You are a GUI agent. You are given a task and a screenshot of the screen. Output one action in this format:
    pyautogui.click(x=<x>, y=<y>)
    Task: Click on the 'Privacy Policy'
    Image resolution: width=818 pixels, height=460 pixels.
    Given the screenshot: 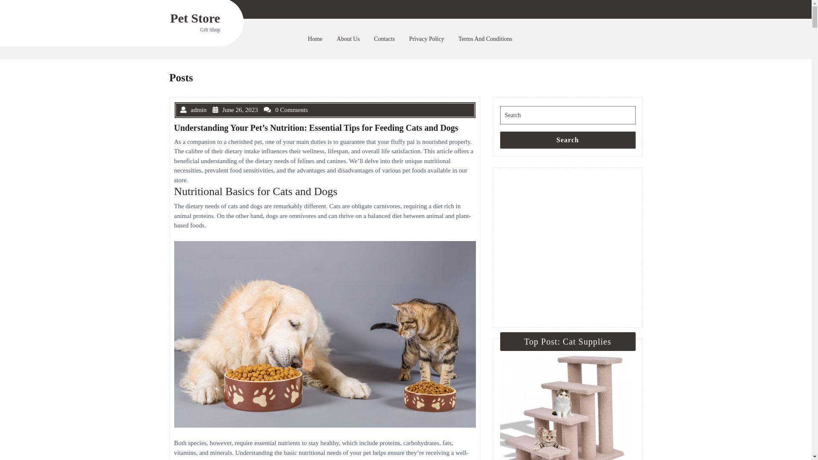 What is the action you would take?
    pyautogui.click(x=404, y=39)
    